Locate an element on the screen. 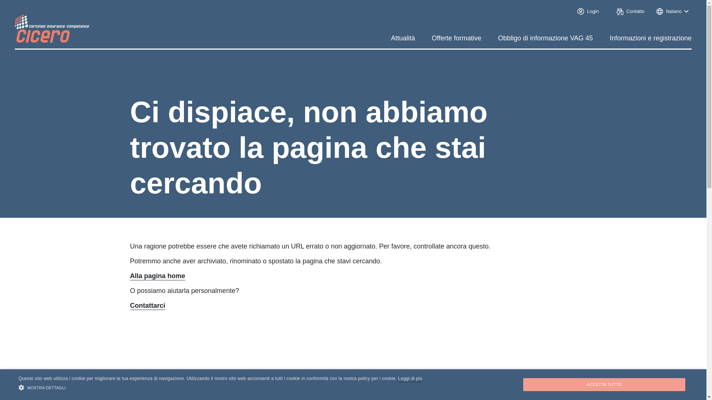 The image size is (712, 400). 'Italiano' is located at coordinates (653, 11).